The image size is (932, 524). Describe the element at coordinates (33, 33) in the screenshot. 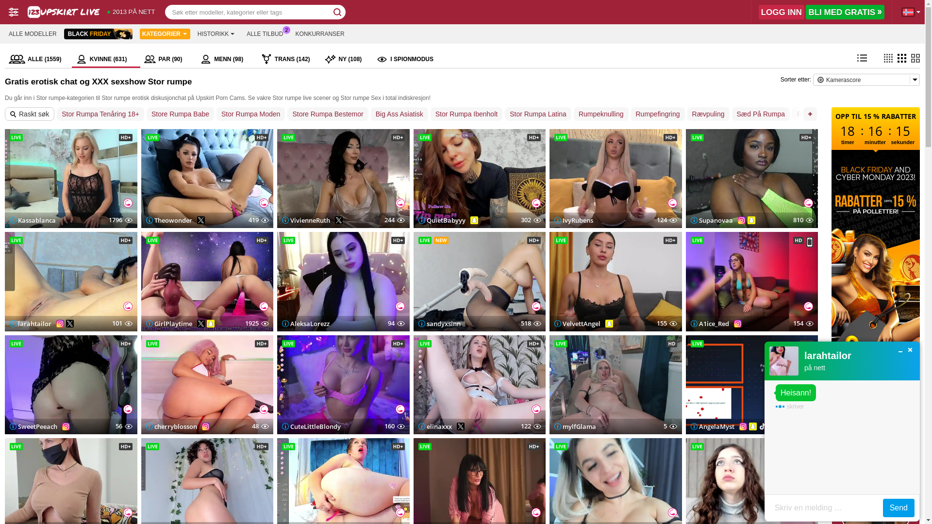

I see `'ALLE MODELLER'` at that location.